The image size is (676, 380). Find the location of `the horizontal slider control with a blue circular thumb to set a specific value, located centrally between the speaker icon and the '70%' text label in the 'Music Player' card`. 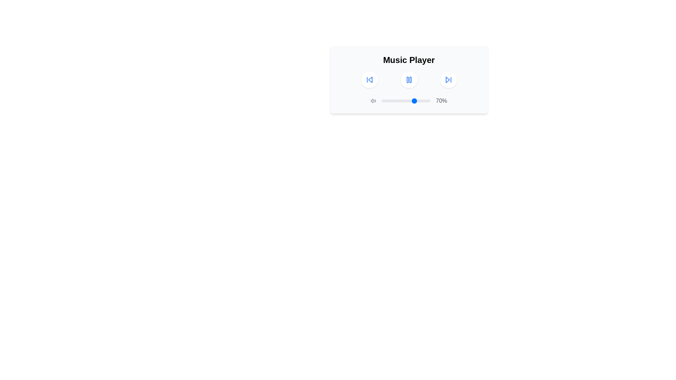

the horizontal slider control with a blue circular thumb to set a specific value, located centrally between the speaker icon and the '70%' text label in the 'Music Player' card is located at coordinates (409, 101).